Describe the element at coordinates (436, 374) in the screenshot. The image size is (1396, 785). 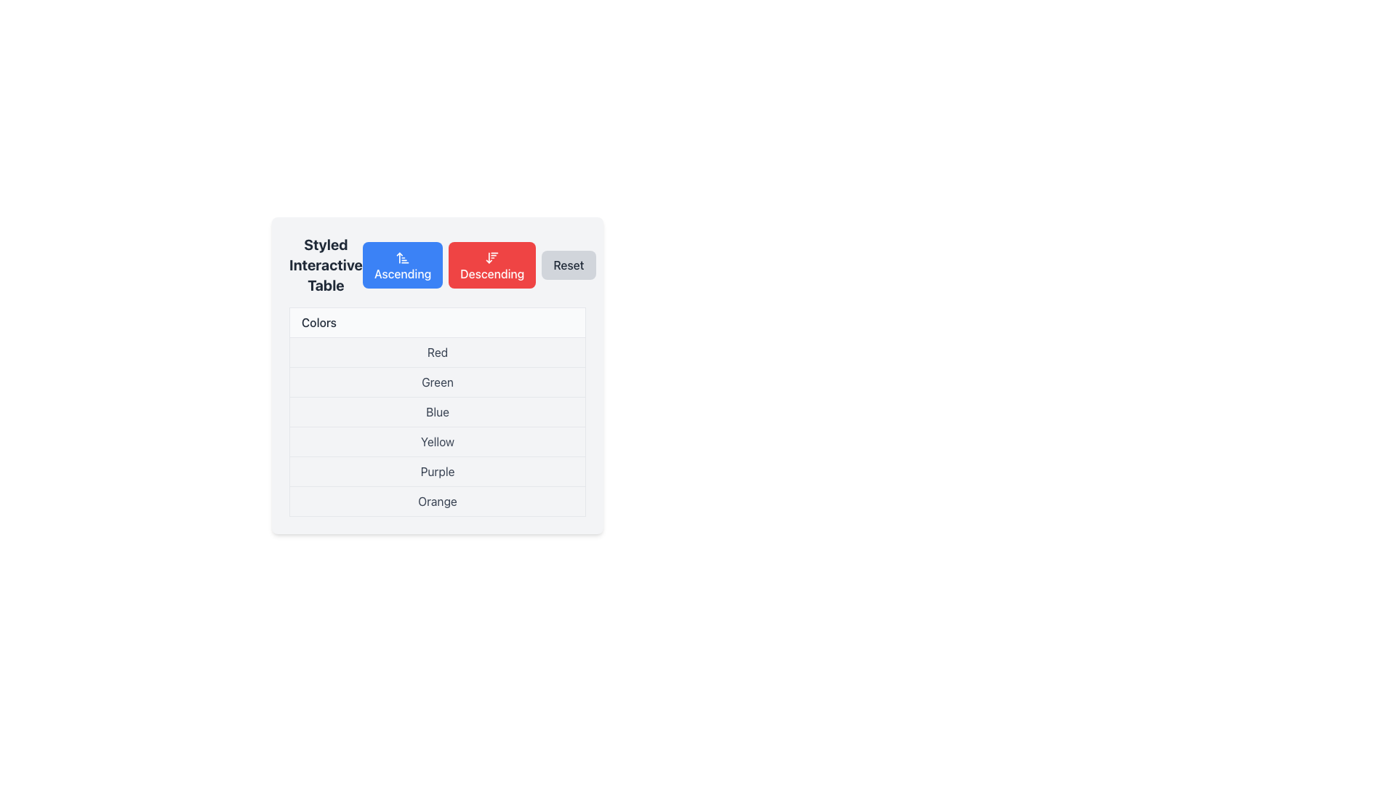
I see `the second row item under the 'Colors' header` at that location.